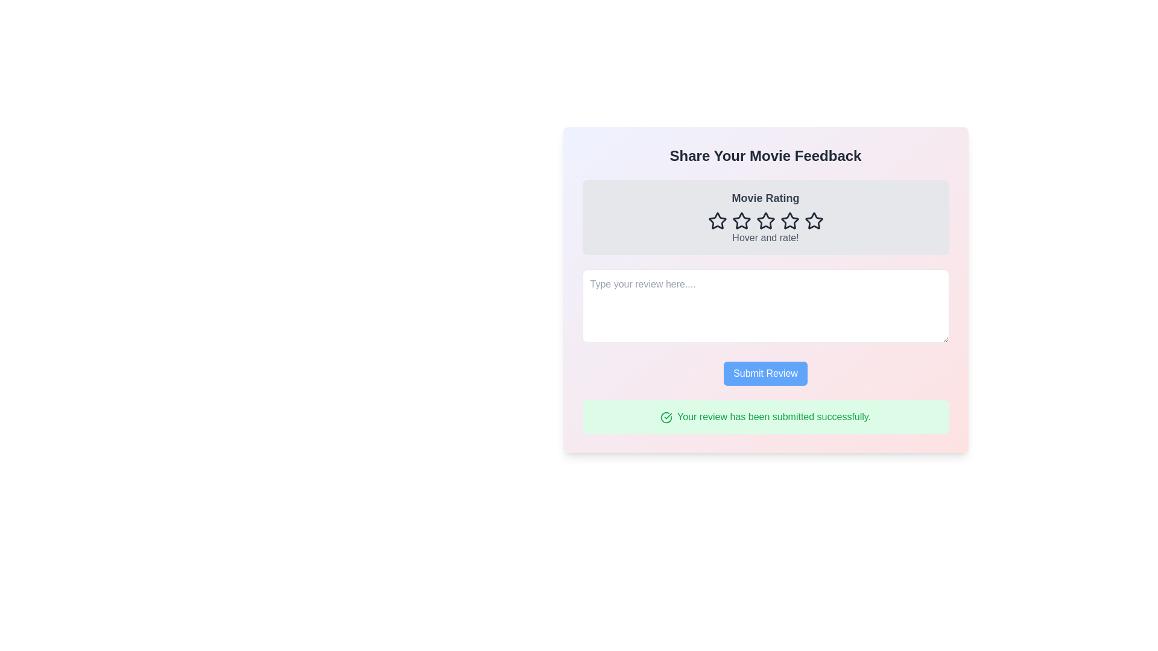  What do you see at coordinates (741, 221) in the screenshot?
I see `the third star icon` at bounding box center [741, 221].